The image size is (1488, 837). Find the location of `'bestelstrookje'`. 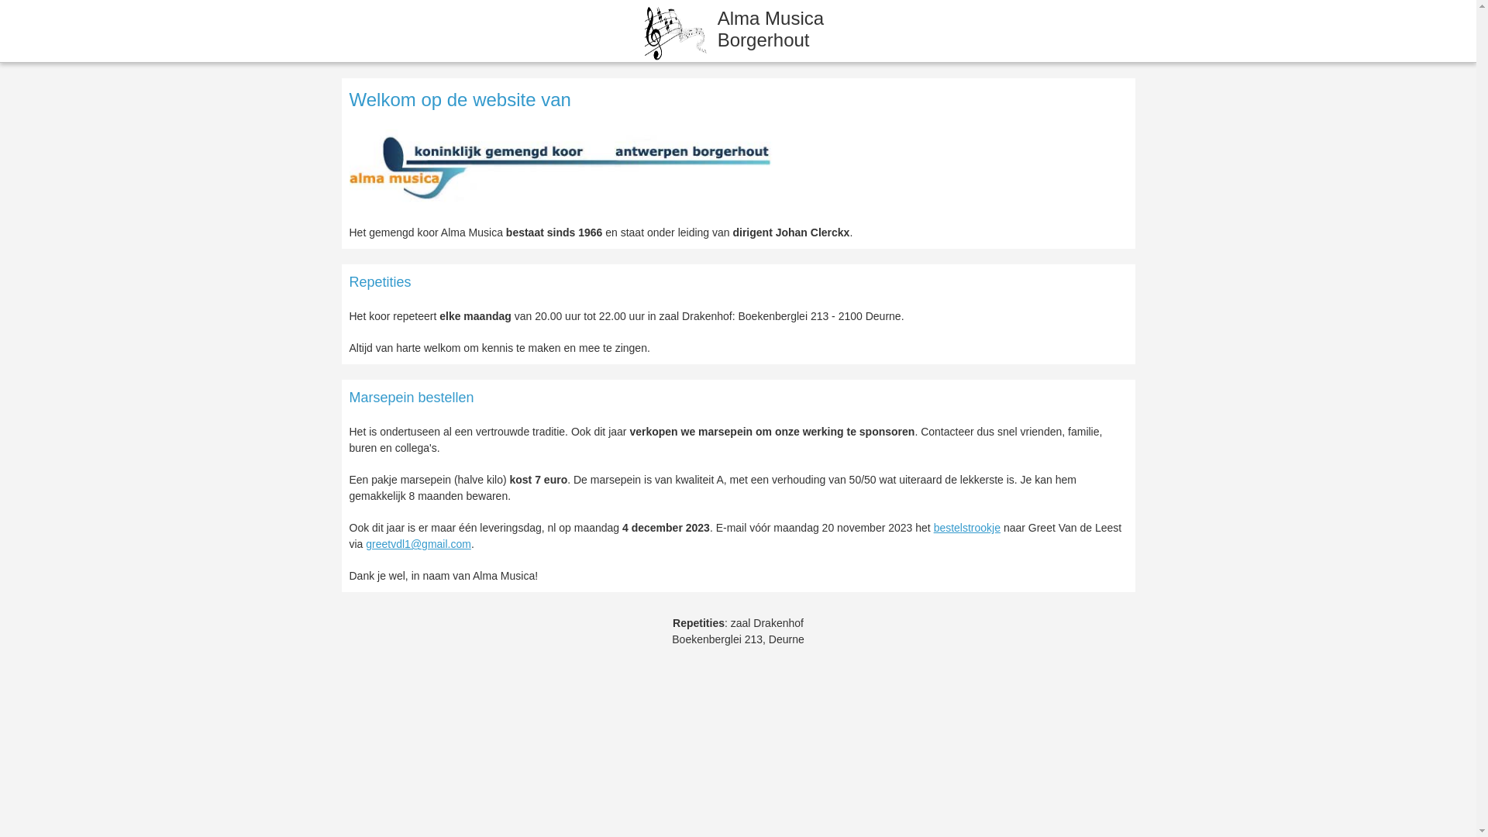

'bestelstrookje' is located at coordinates (966, 527).